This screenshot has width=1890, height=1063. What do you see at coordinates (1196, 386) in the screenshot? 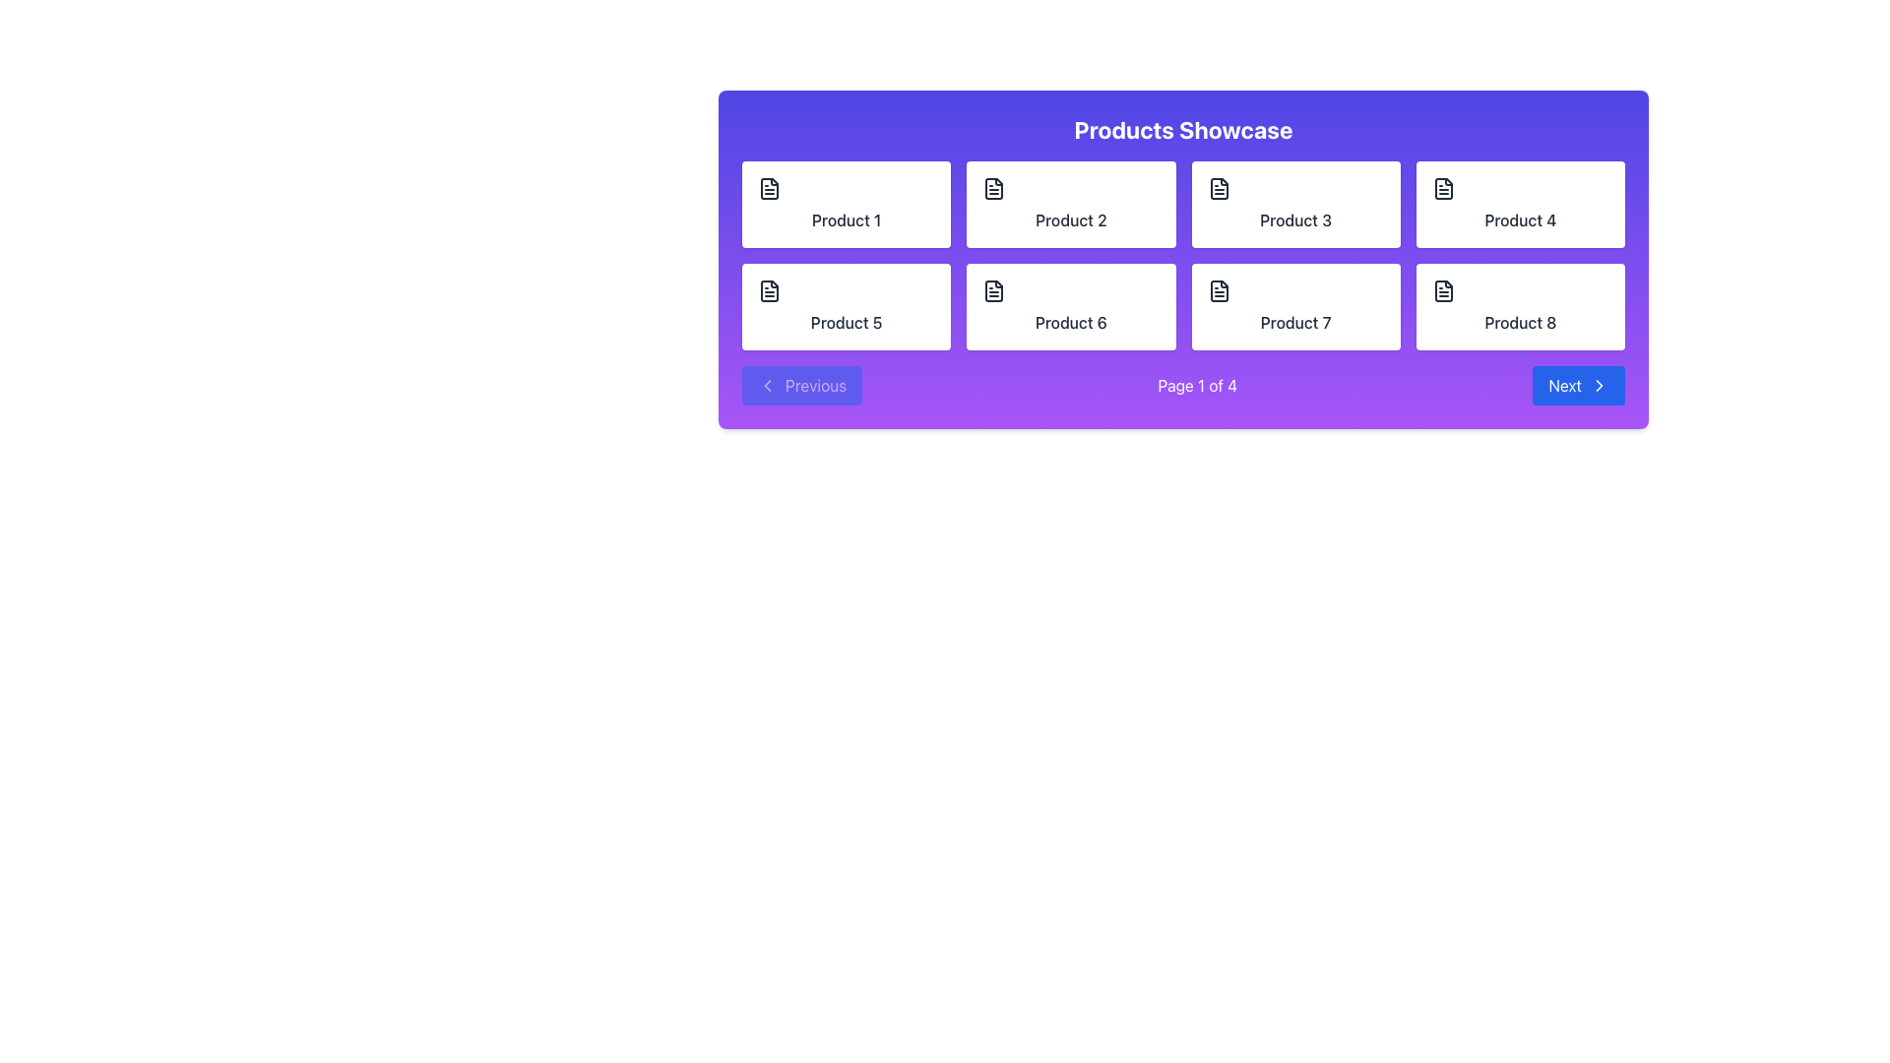
I see `the label displaying the current page number 'Page 1 of 4' which is styled with white text on a purple gradient background, located centrally in the pagination section` at bounding box center [1196, 386].